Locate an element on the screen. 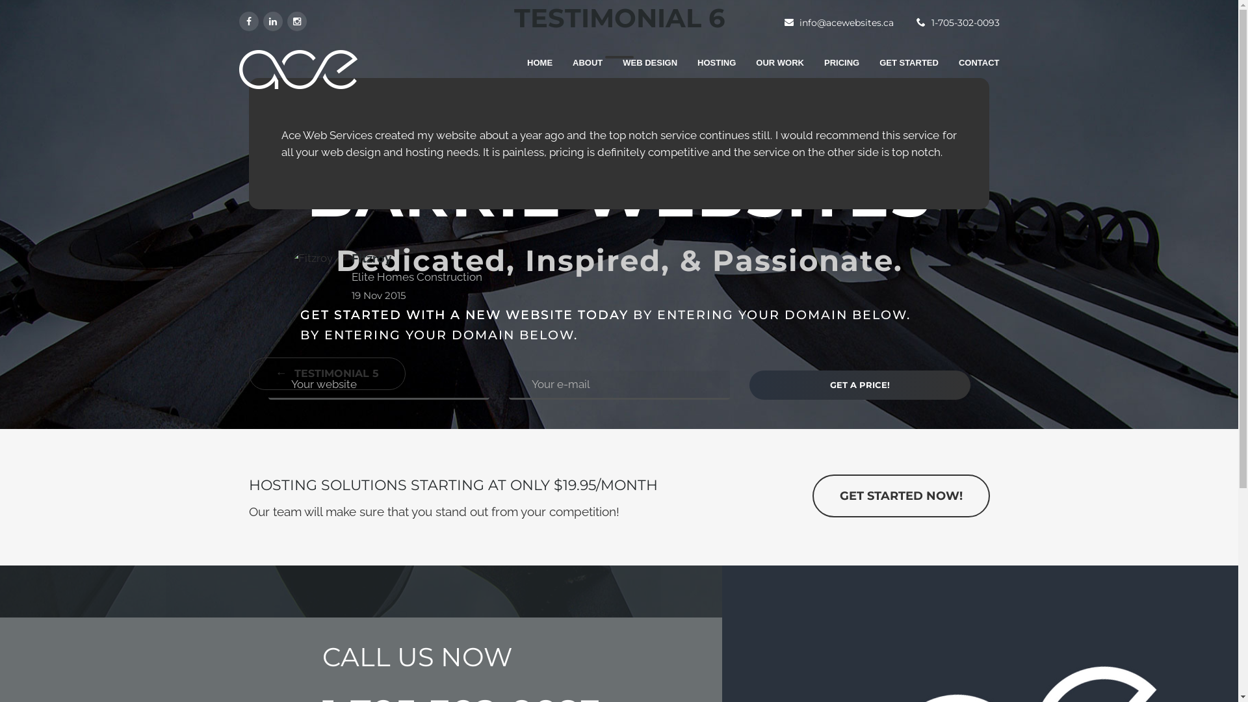  'HOSTING' is located at coordinates (707, 70).